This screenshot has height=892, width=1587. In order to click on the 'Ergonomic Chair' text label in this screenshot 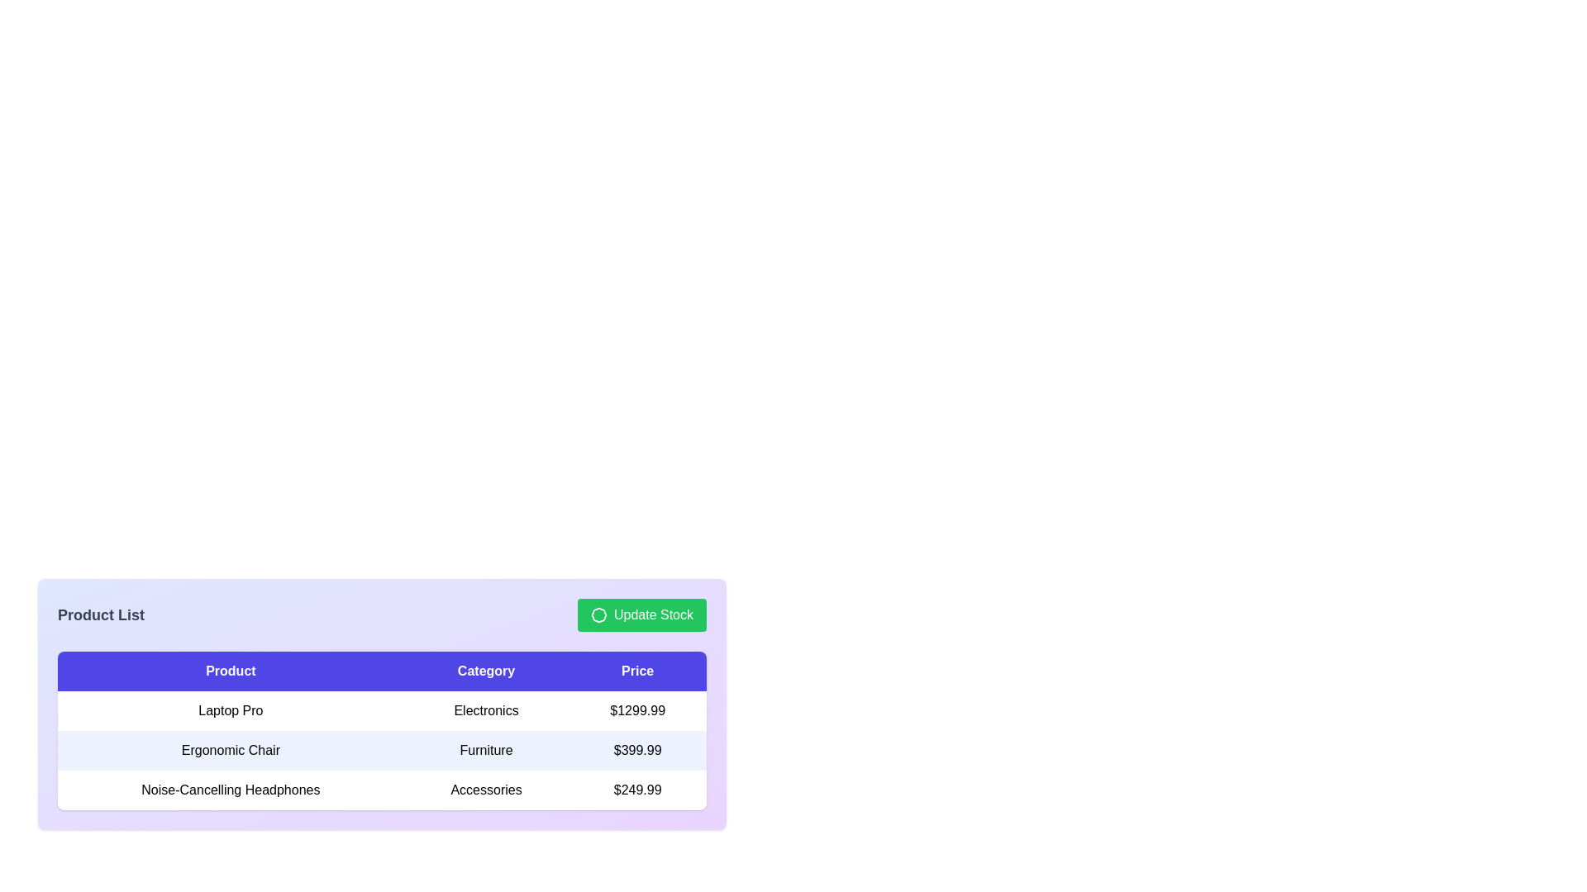, I will do `click(230, 751)`.